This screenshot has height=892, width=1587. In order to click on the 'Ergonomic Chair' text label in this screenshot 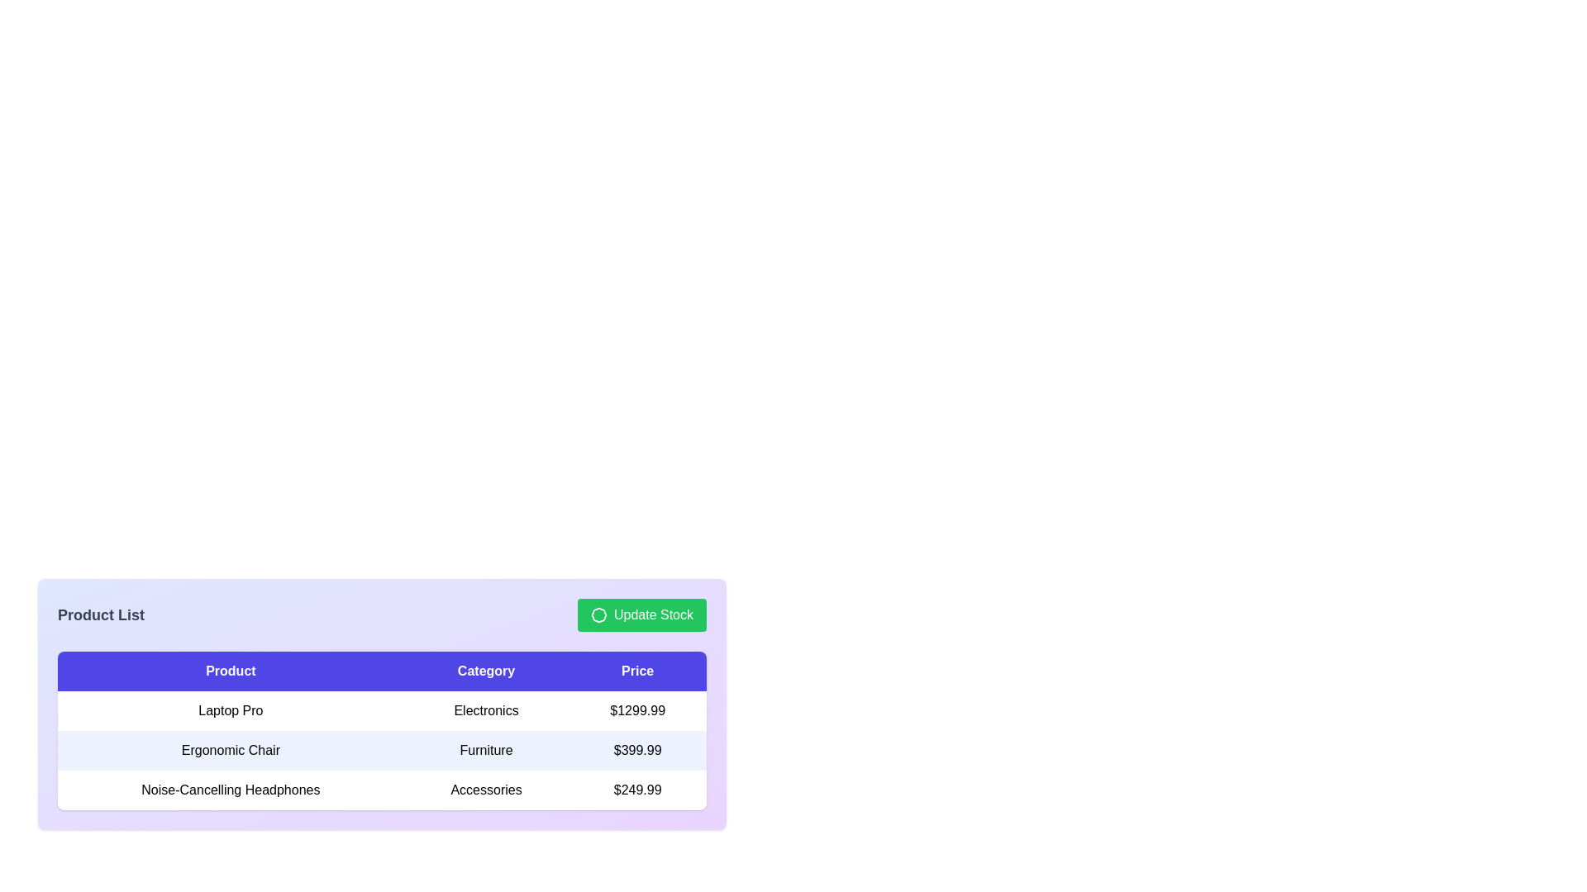, I will do `click(230, 751)`.